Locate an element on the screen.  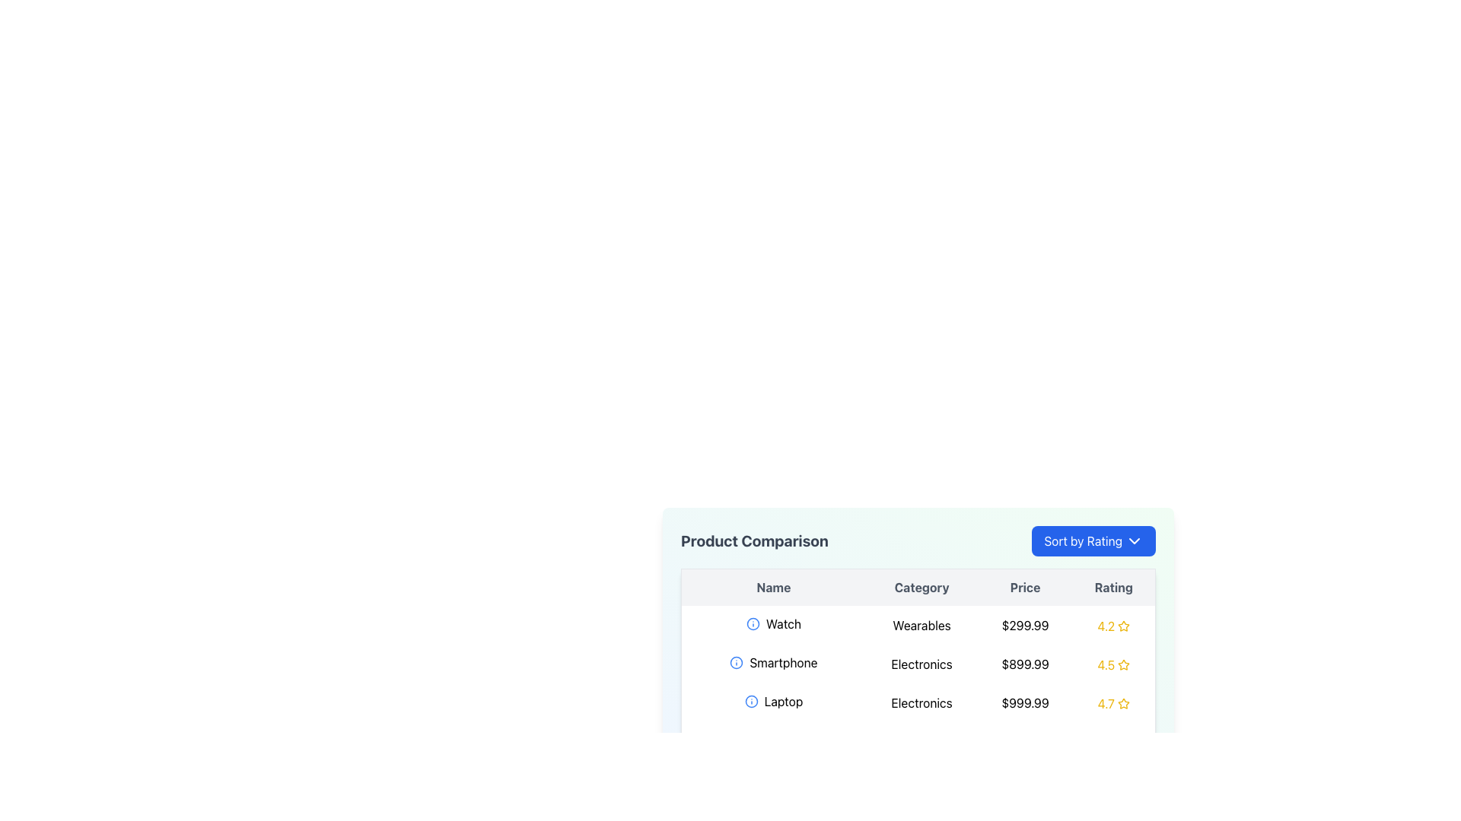
the label element displaying the text 'Watch' with an information icon to its left, positioned in the 'Name' column of the table layout is located at coordinates (773, 624).